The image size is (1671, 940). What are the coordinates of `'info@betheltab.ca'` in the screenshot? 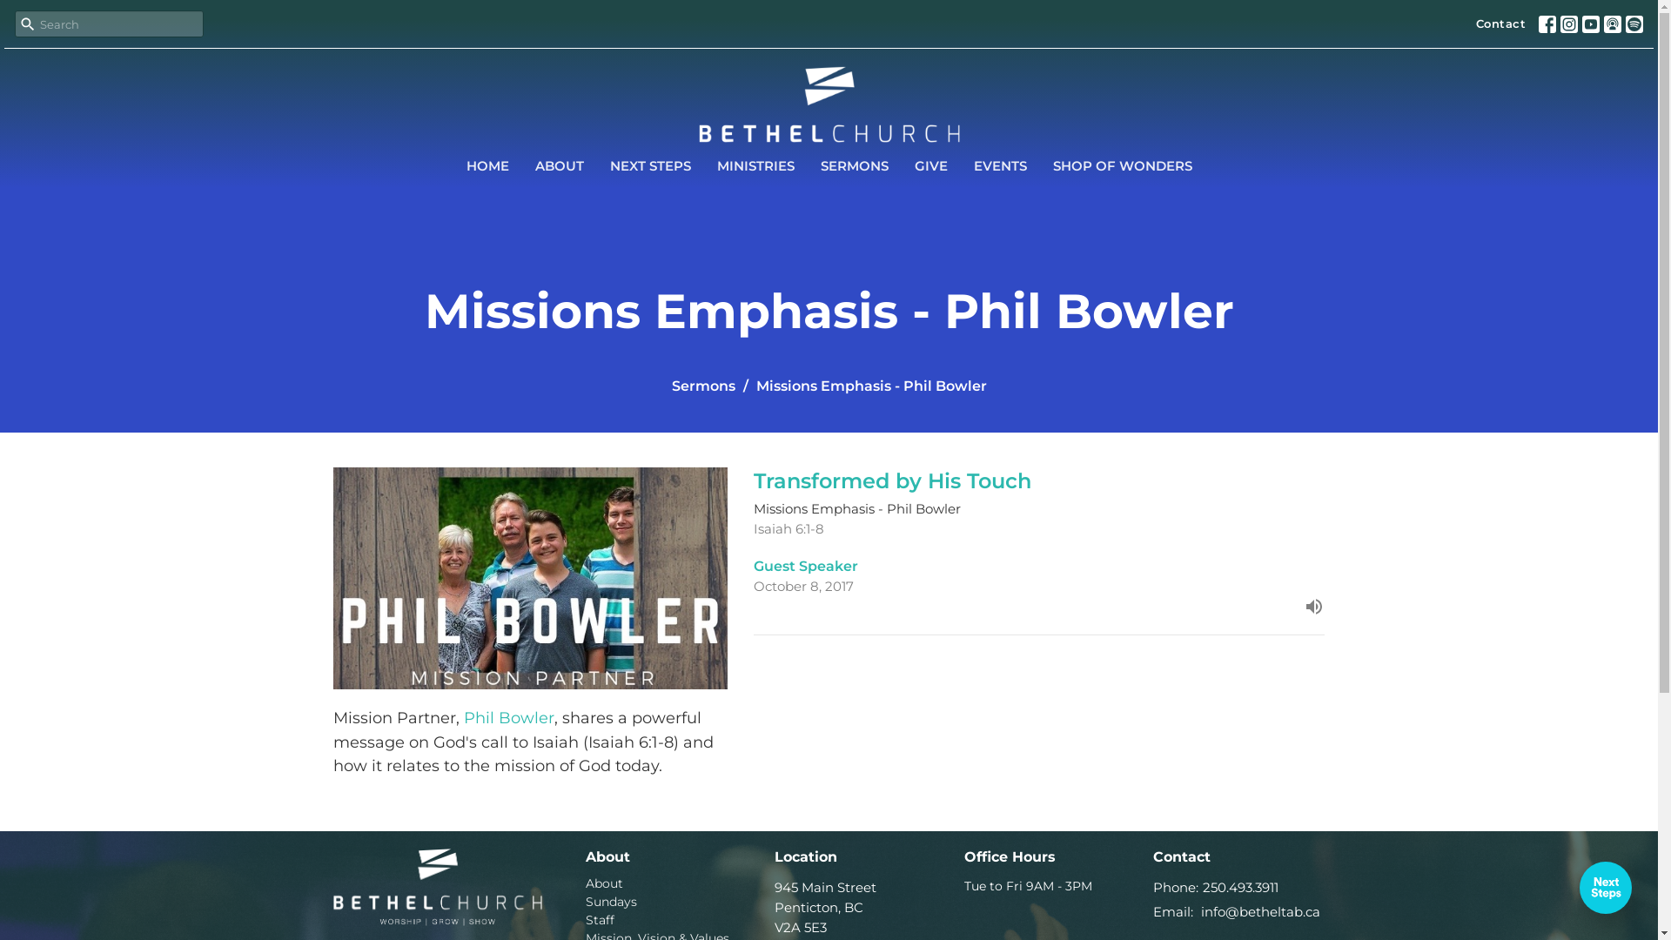 It's located at (1260, 910).